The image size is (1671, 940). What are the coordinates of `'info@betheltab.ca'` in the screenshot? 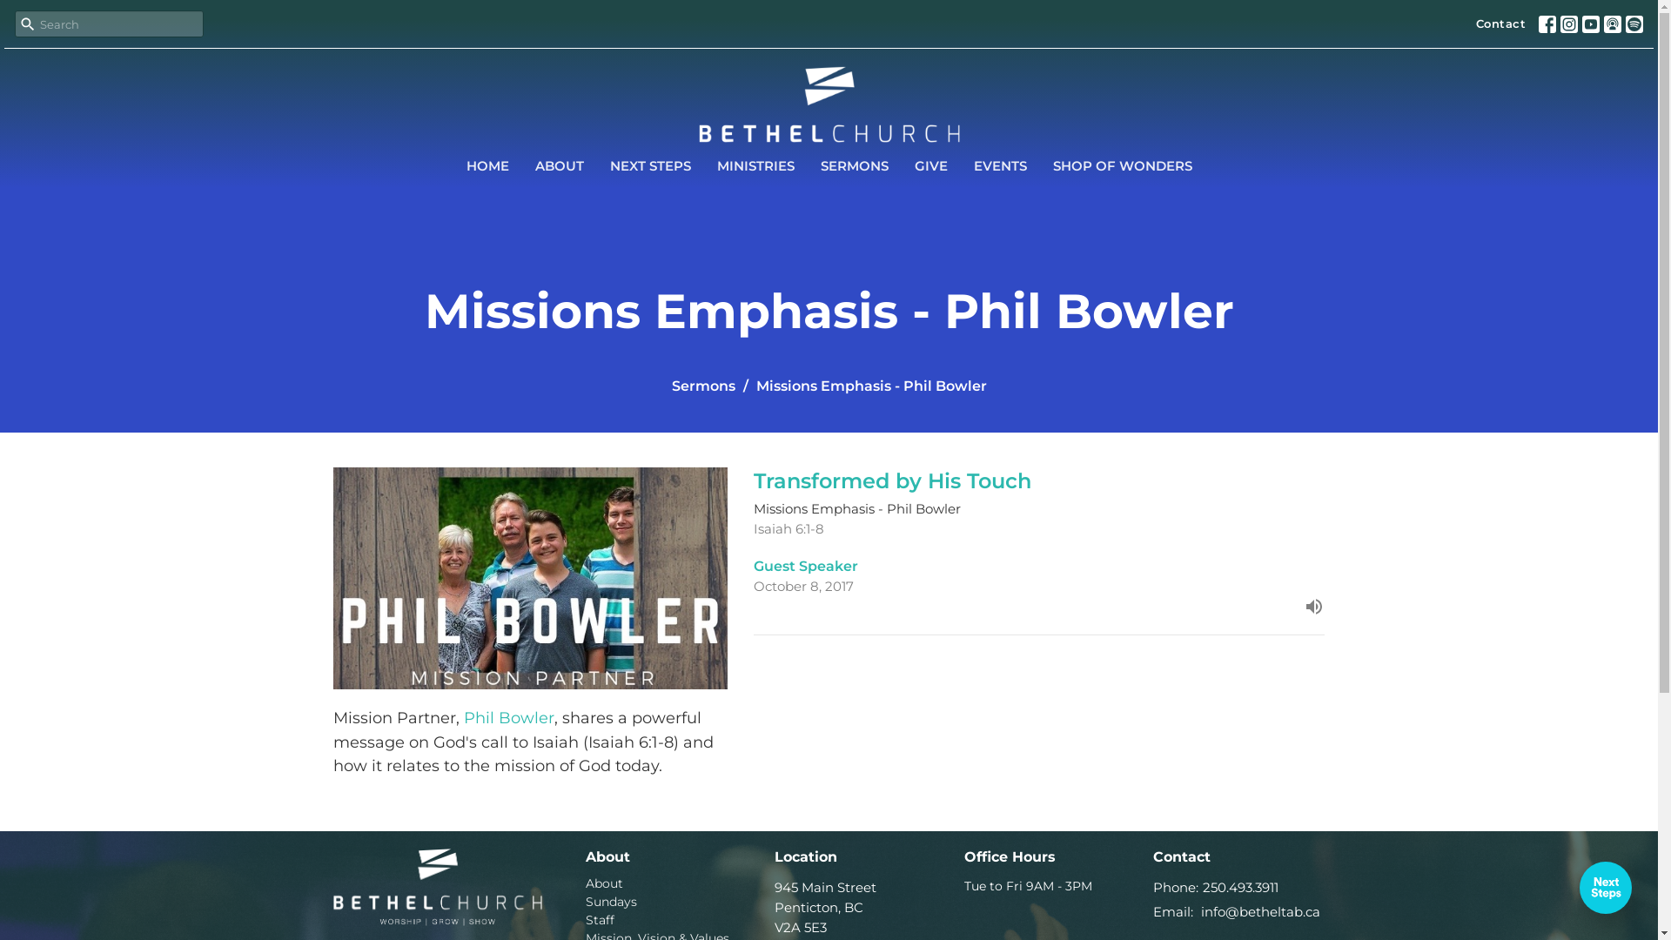 It's located at (1260, 910).